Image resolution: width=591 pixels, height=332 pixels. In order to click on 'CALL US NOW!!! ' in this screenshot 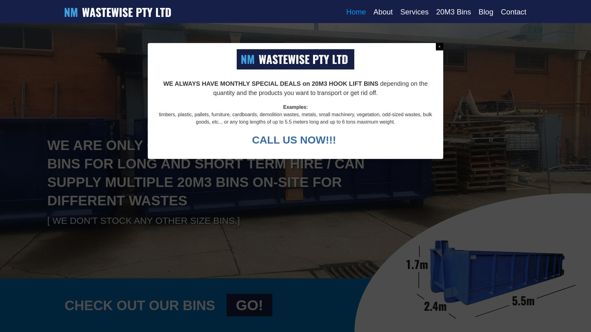, I will do `click(295, 140)`.